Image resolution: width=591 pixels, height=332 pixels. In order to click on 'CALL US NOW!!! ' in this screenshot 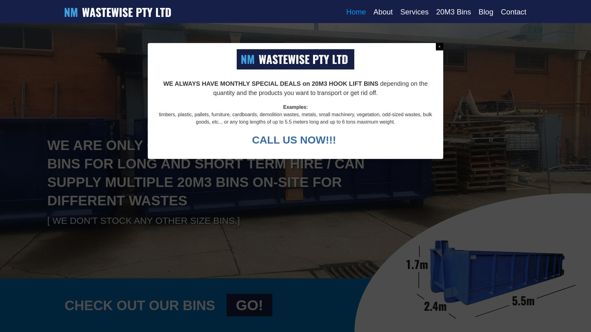, I will do `click(295, 140)`.